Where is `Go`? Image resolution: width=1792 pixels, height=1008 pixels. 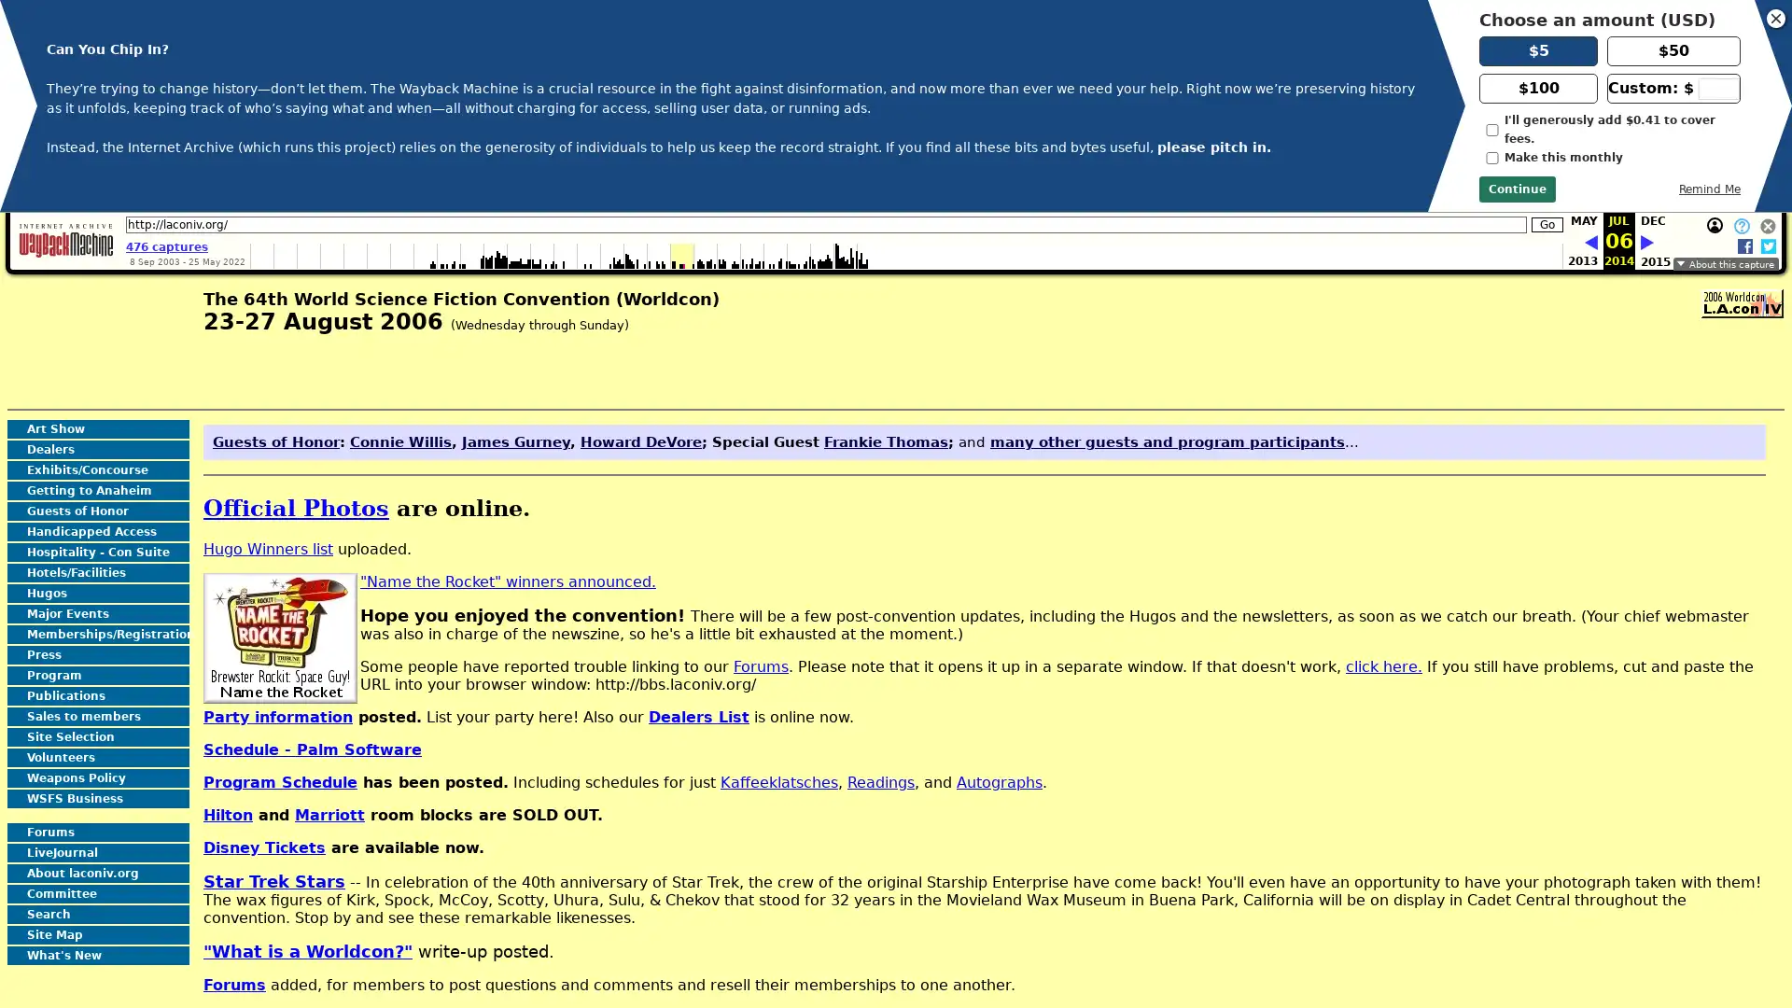 Go is located at coordinates (1547, 223).